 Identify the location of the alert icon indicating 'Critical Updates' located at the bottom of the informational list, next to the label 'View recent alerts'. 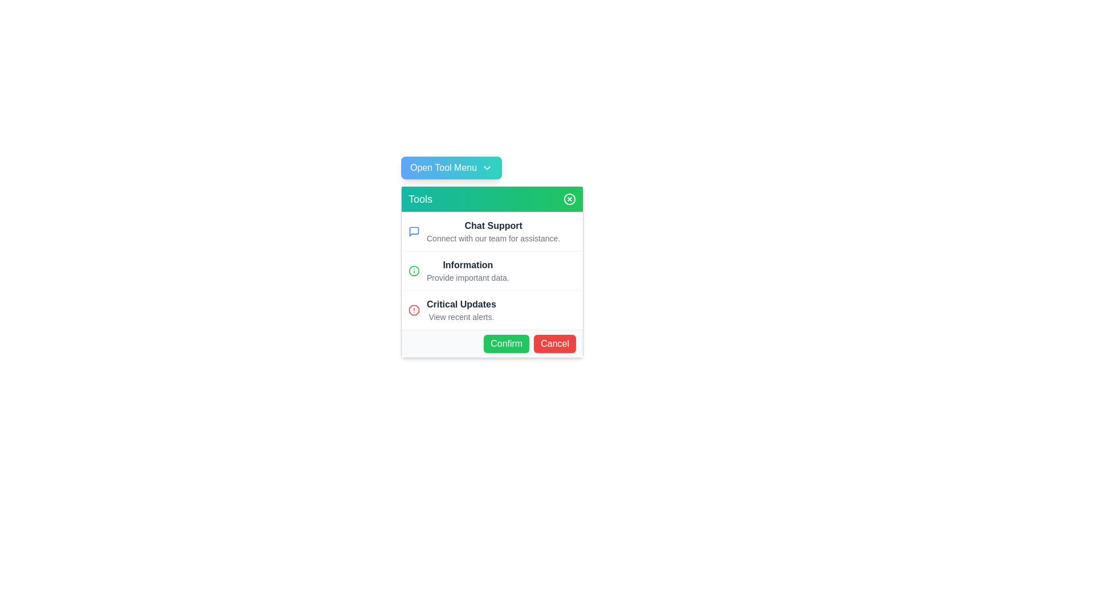
(413, 310).